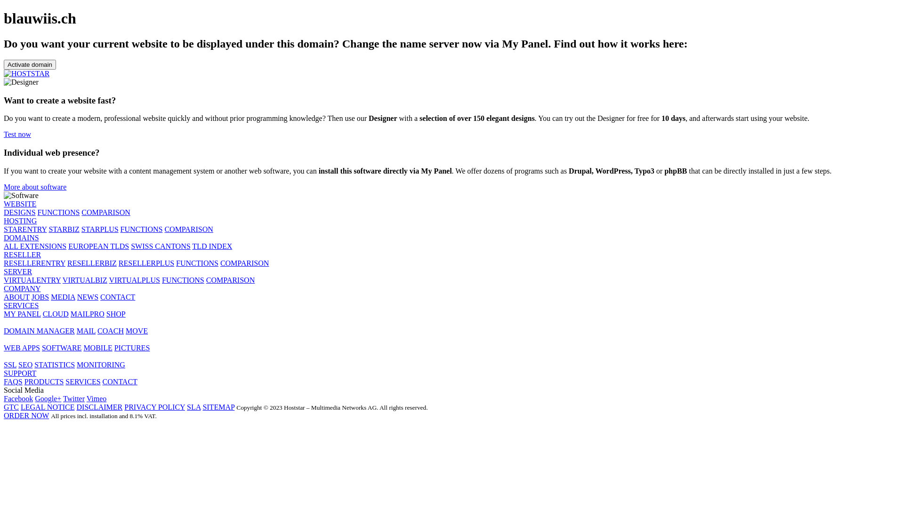 The width and height of the screenshot is (904, 508). I want to click on 'WEB APPS', so click(22, 348).